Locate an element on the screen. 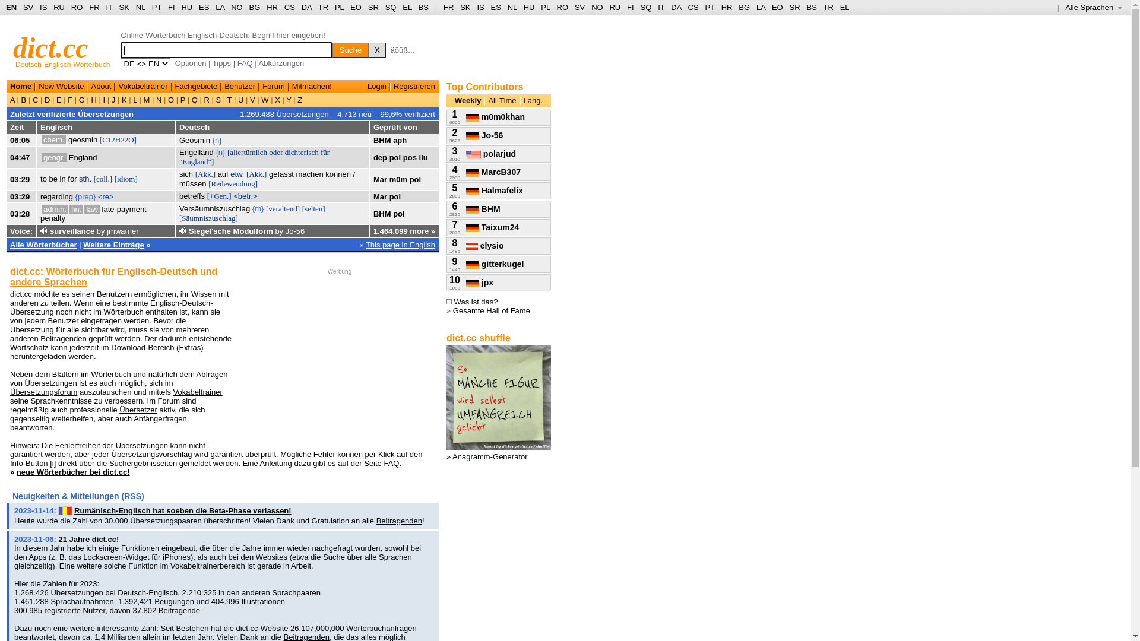 The height and width of the screenshot is (641, 1140). 'W' is located at coordinates (258, 99).